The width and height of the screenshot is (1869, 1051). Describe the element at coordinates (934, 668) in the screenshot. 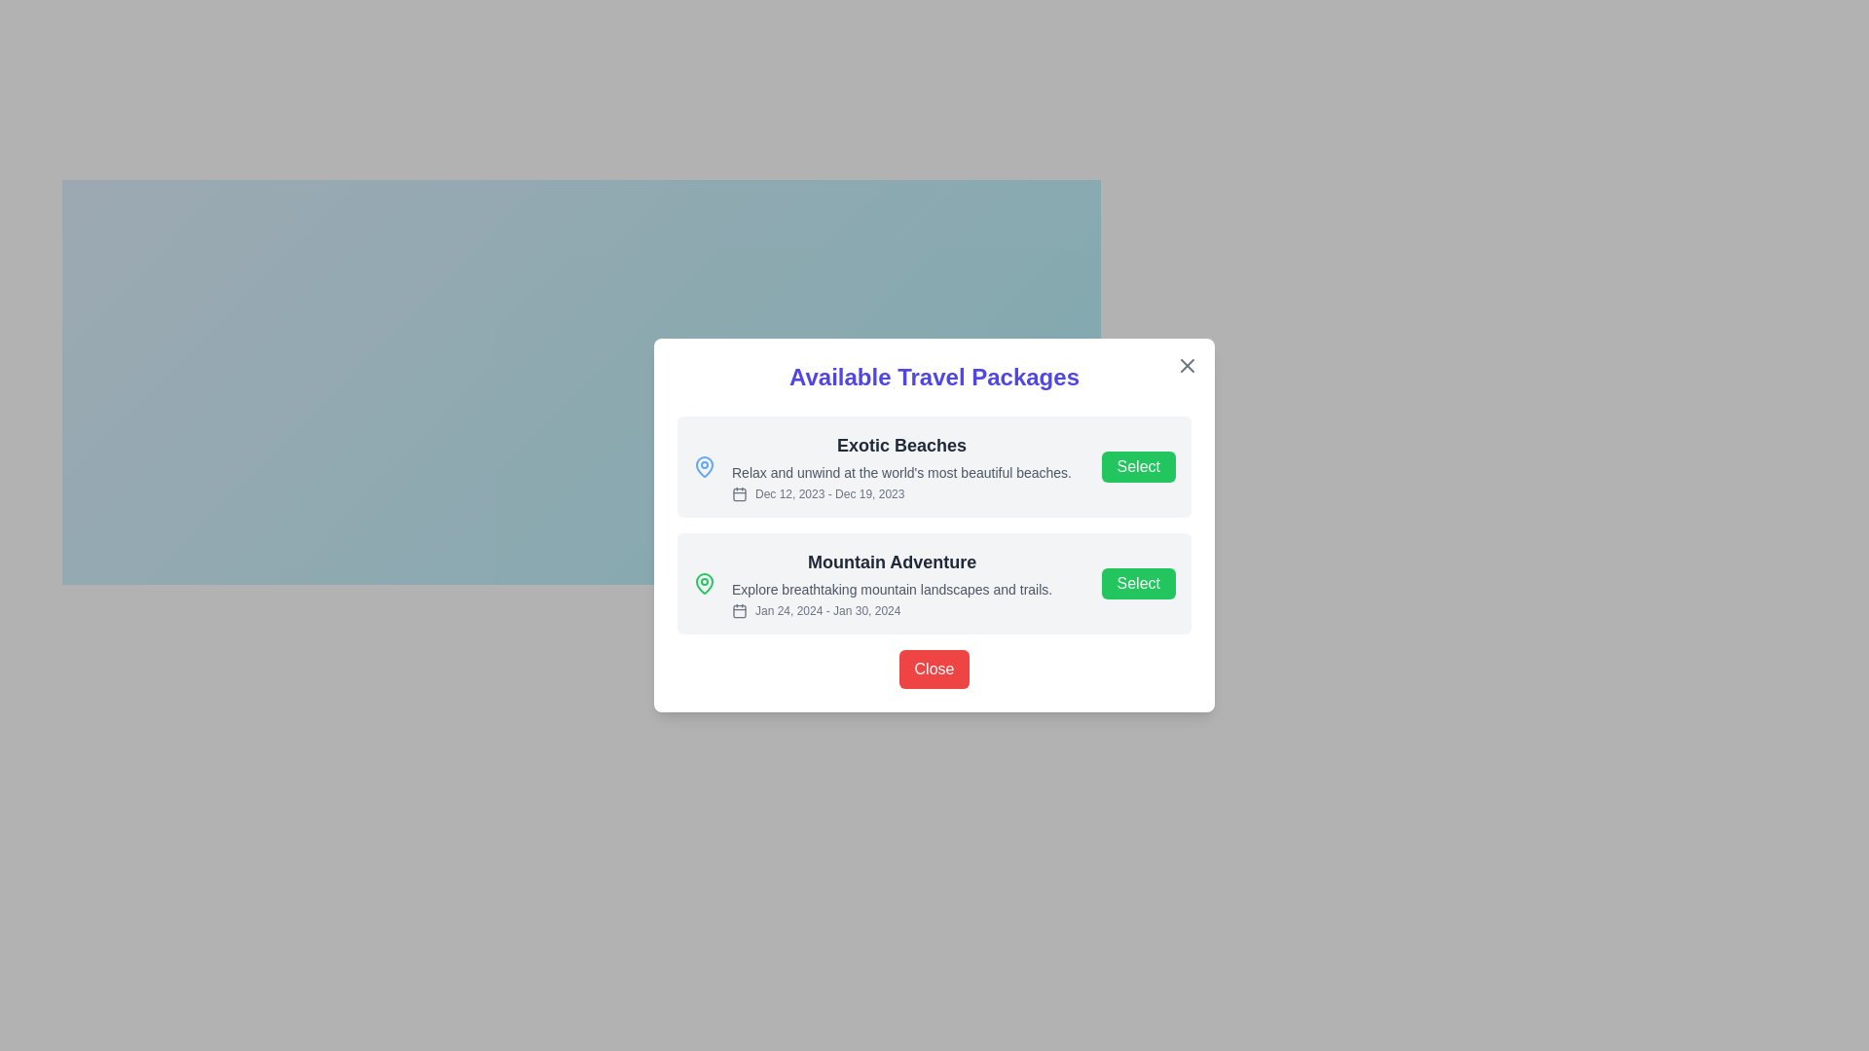

I see `the 'Close' button with a red background and rounded corners` at that location.